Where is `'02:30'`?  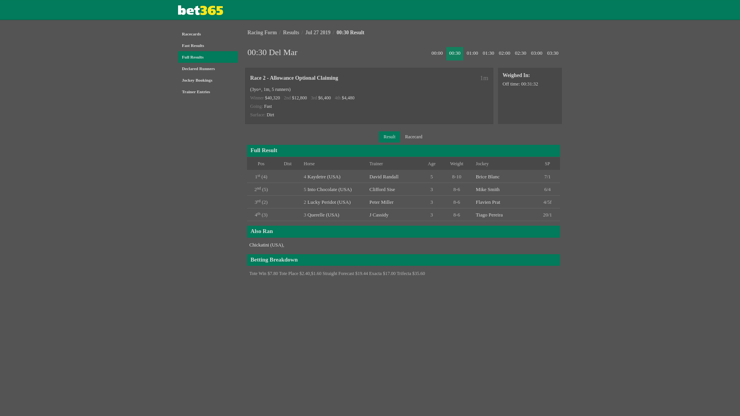
'02:30' is located at coordinates (520, 54).